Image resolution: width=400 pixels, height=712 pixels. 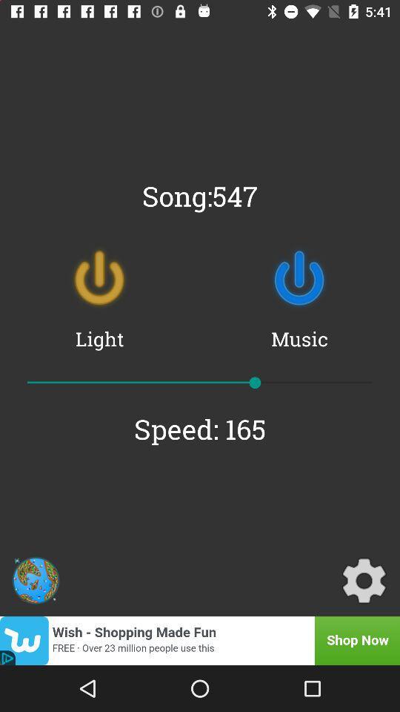 What do you see at coordinates (99, 277) in the screenshot?
I see `item above the light` at bounding box center [99, 277].